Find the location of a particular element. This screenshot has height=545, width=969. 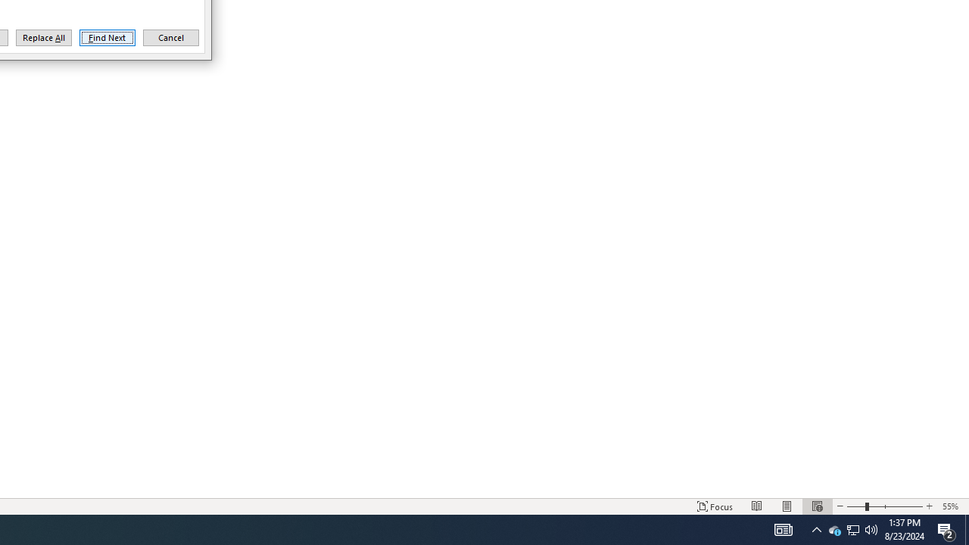

'Notification Chevron' is located at coordinates (816, 528).